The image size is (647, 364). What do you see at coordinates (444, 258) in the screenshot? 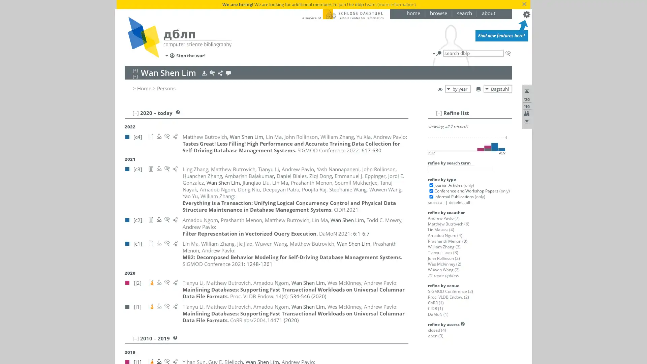
I see `John Rollinson (2)` at bounding box center [444, 258].